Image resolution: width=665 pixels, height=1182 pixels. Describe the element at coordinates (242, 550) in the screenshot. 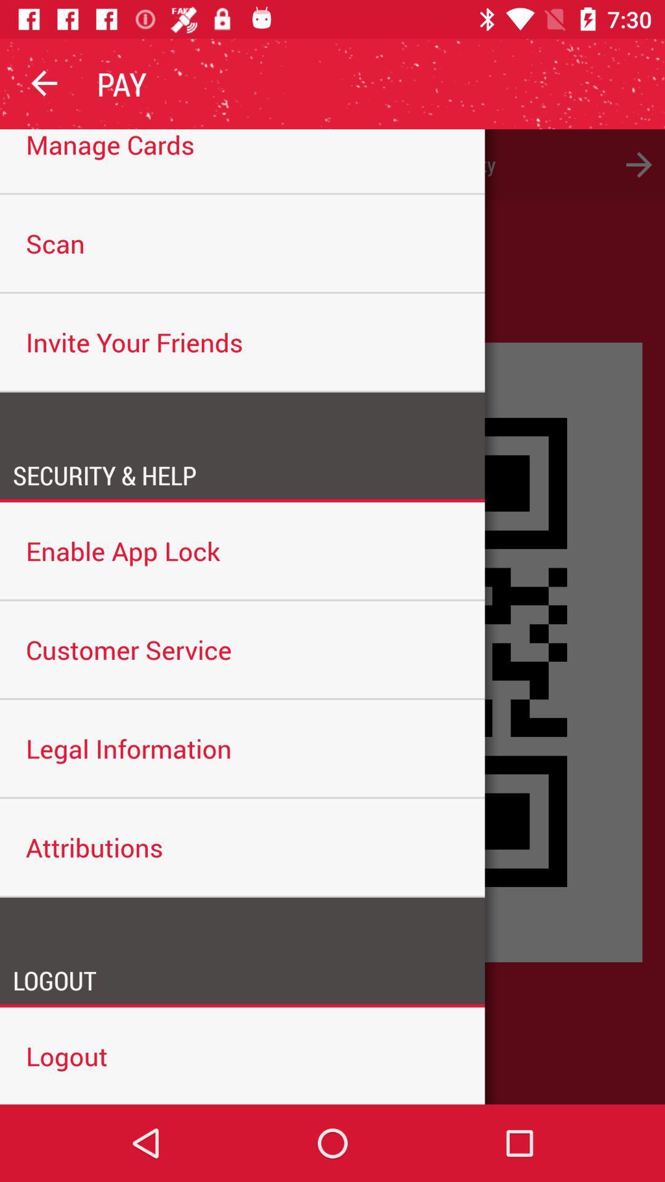

I see `the enable app lock icon` at that location.